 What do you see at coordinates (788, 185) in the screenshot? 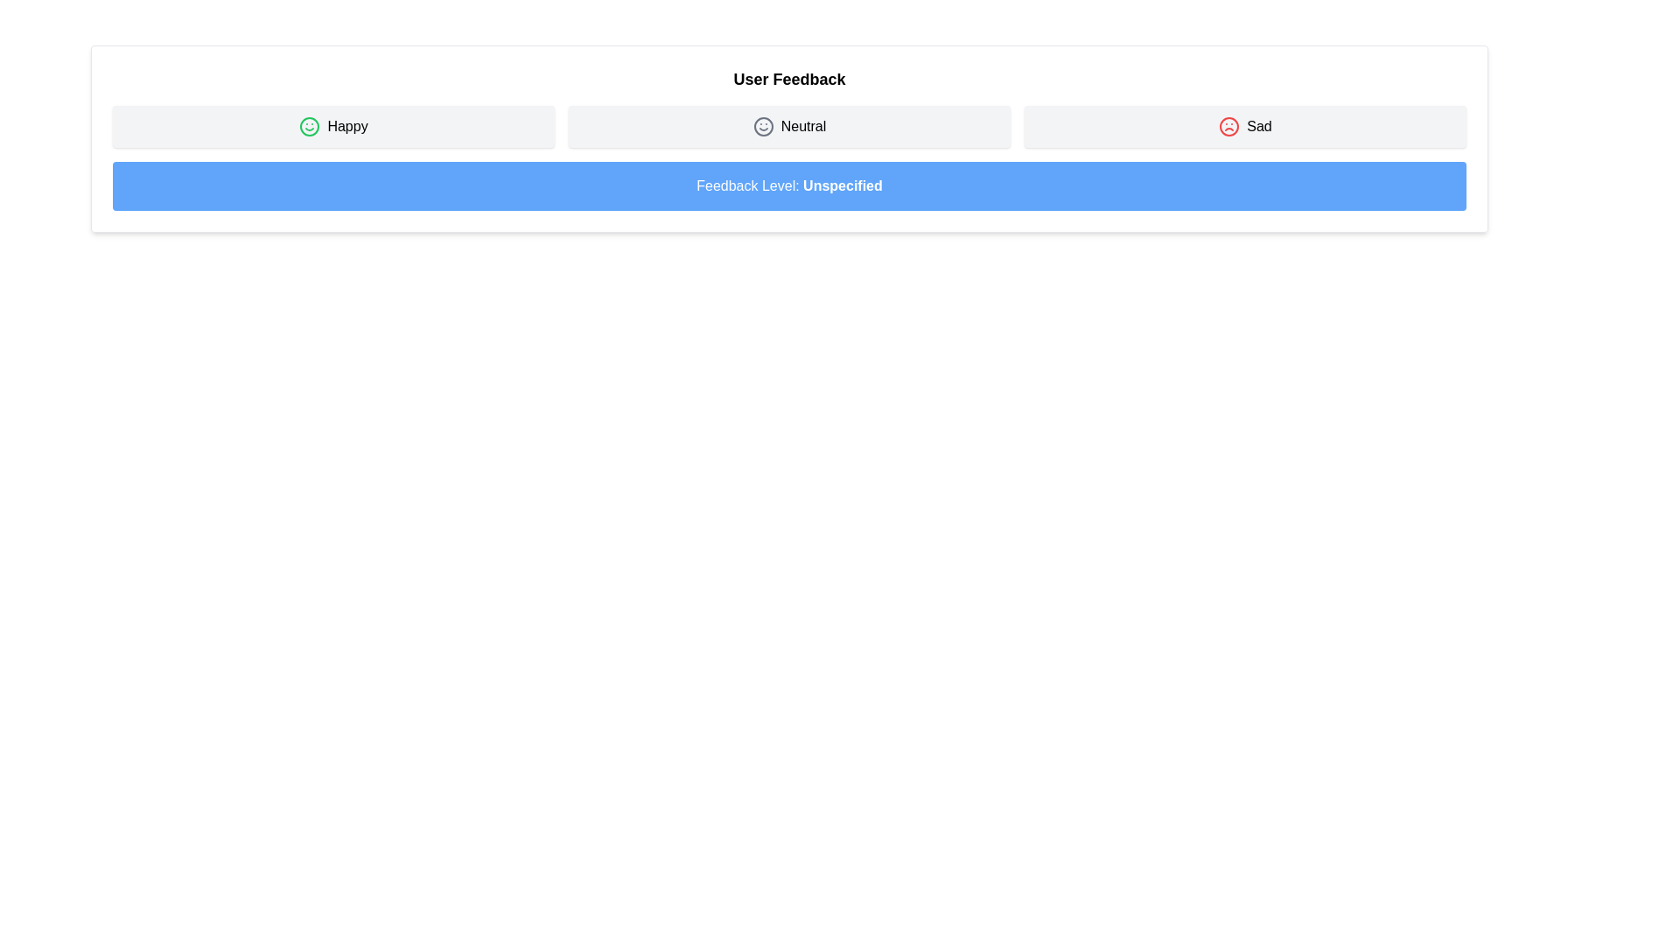
I see `the rectangular section with a blue background and white text that reads 'Feedback Level: Unspecified', located directly beneath the feedback options` at bounding box center [788, 185].